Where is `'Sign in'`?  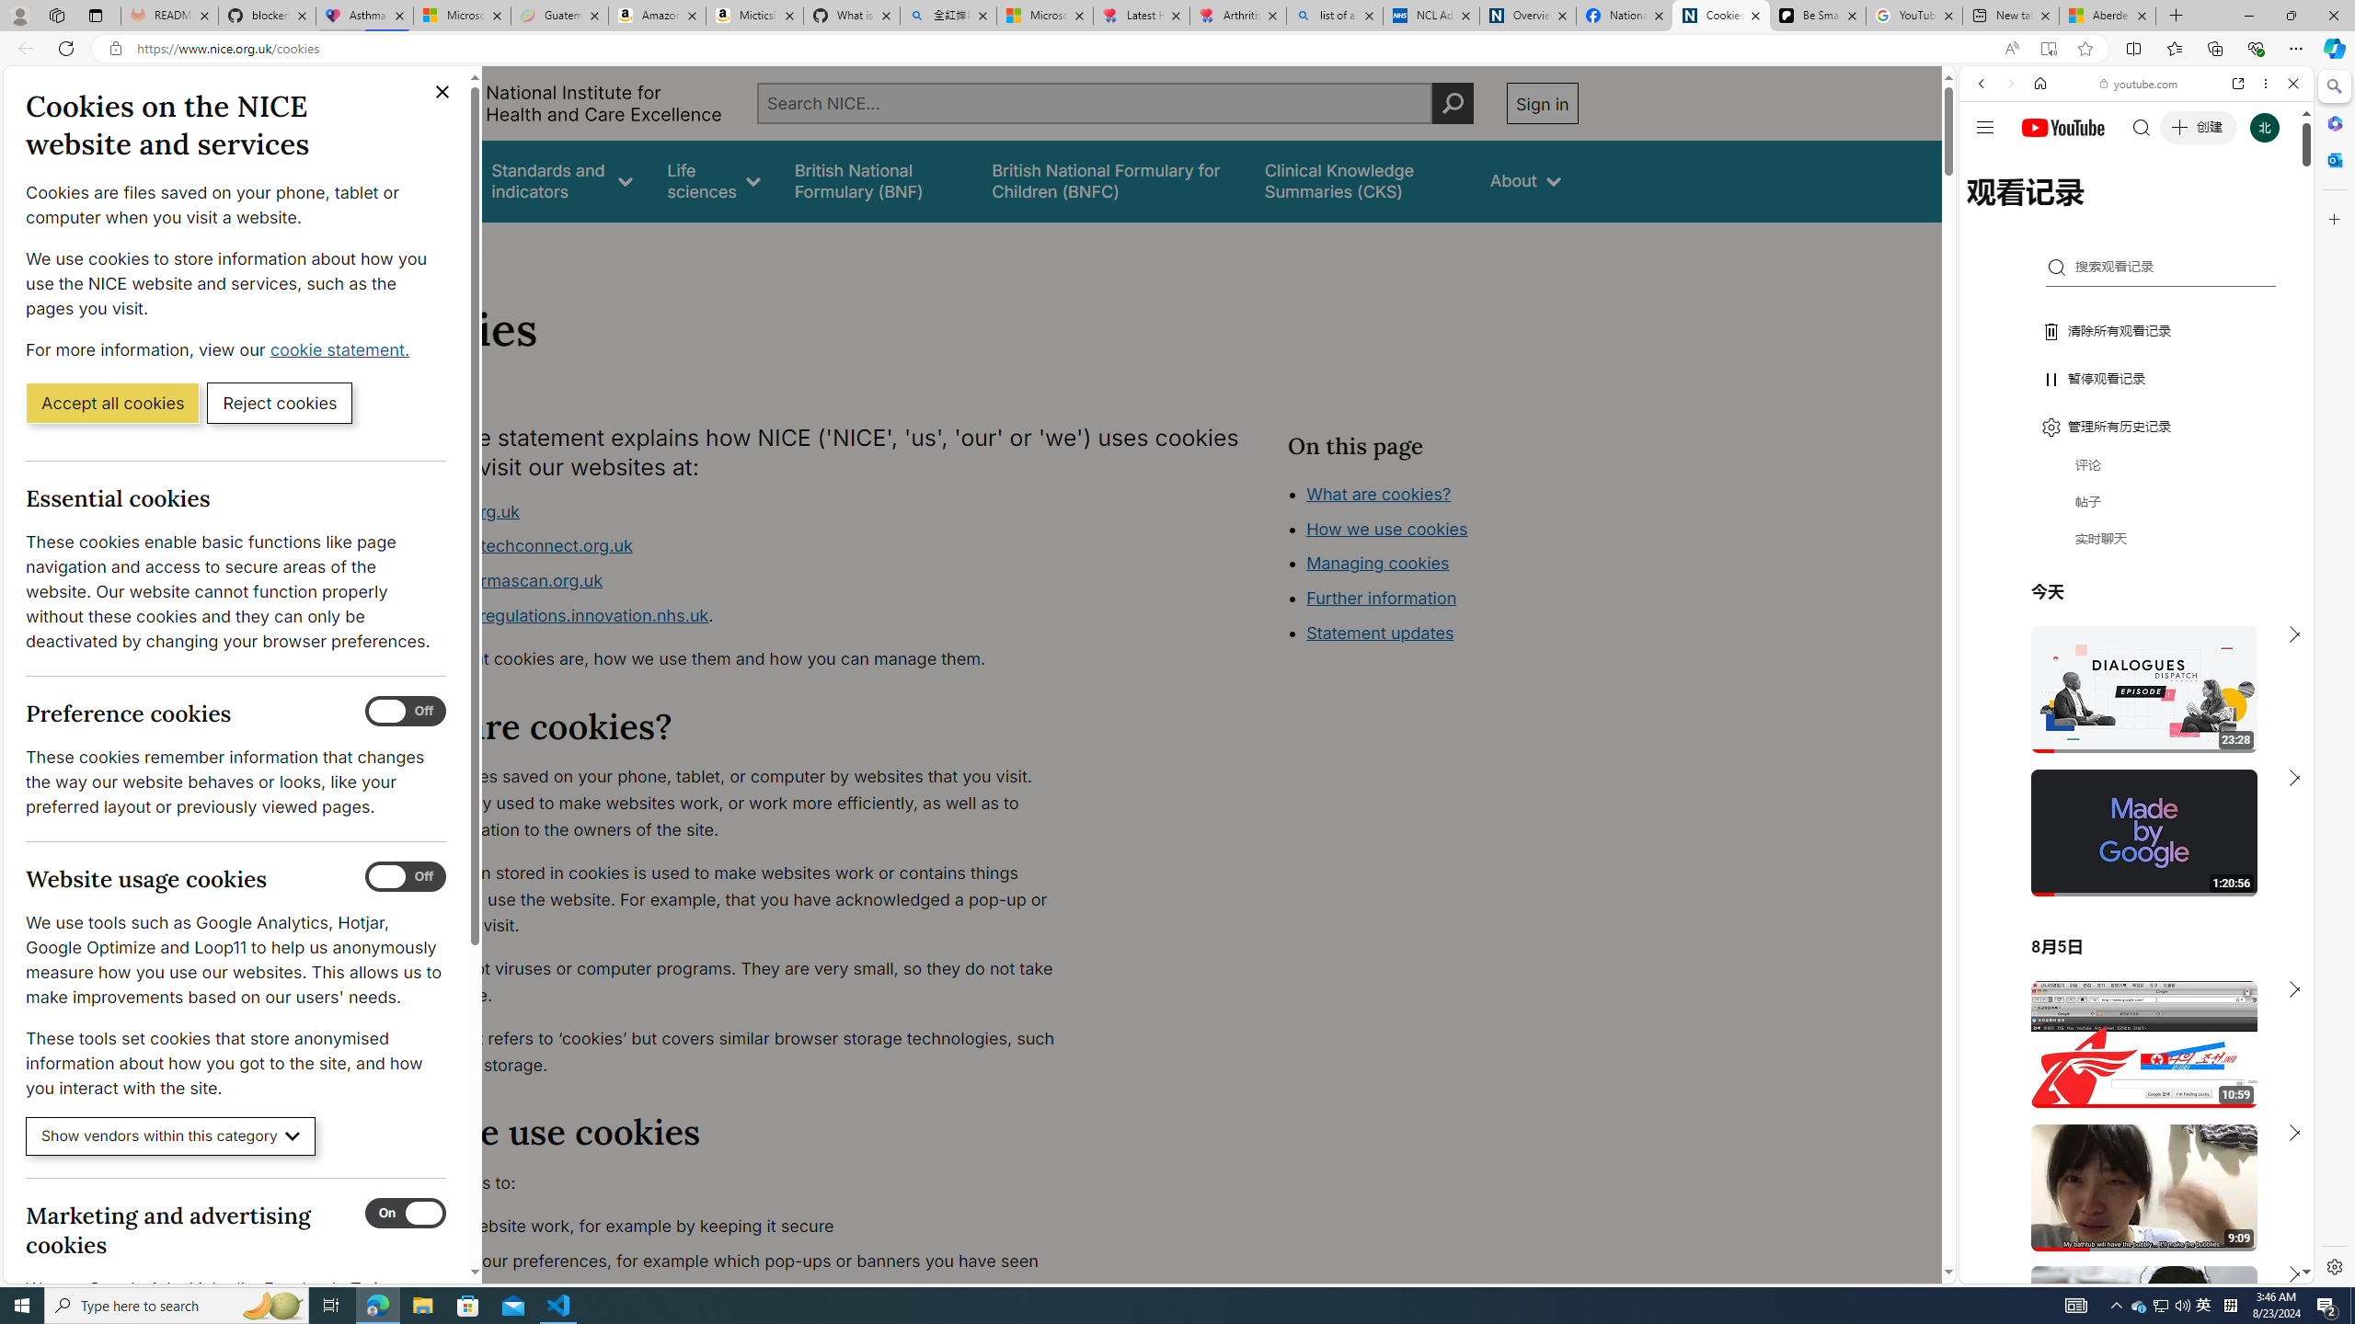
'Sign in' is located at coordinates (1541, 102).